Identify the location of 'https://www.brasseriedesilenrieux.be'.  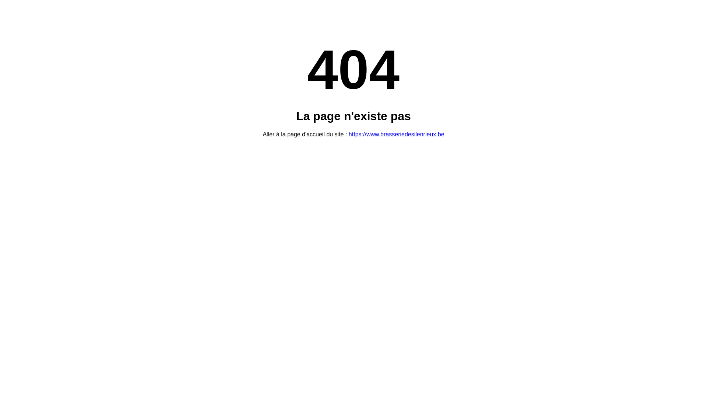
(396, 134).